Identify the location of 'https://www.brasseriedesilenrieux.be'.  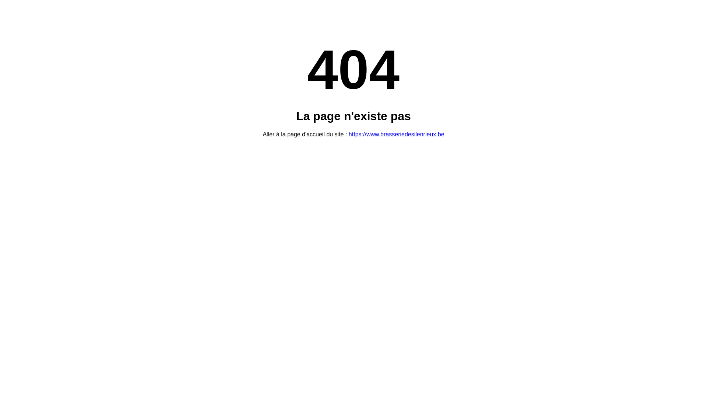
(396, 134).